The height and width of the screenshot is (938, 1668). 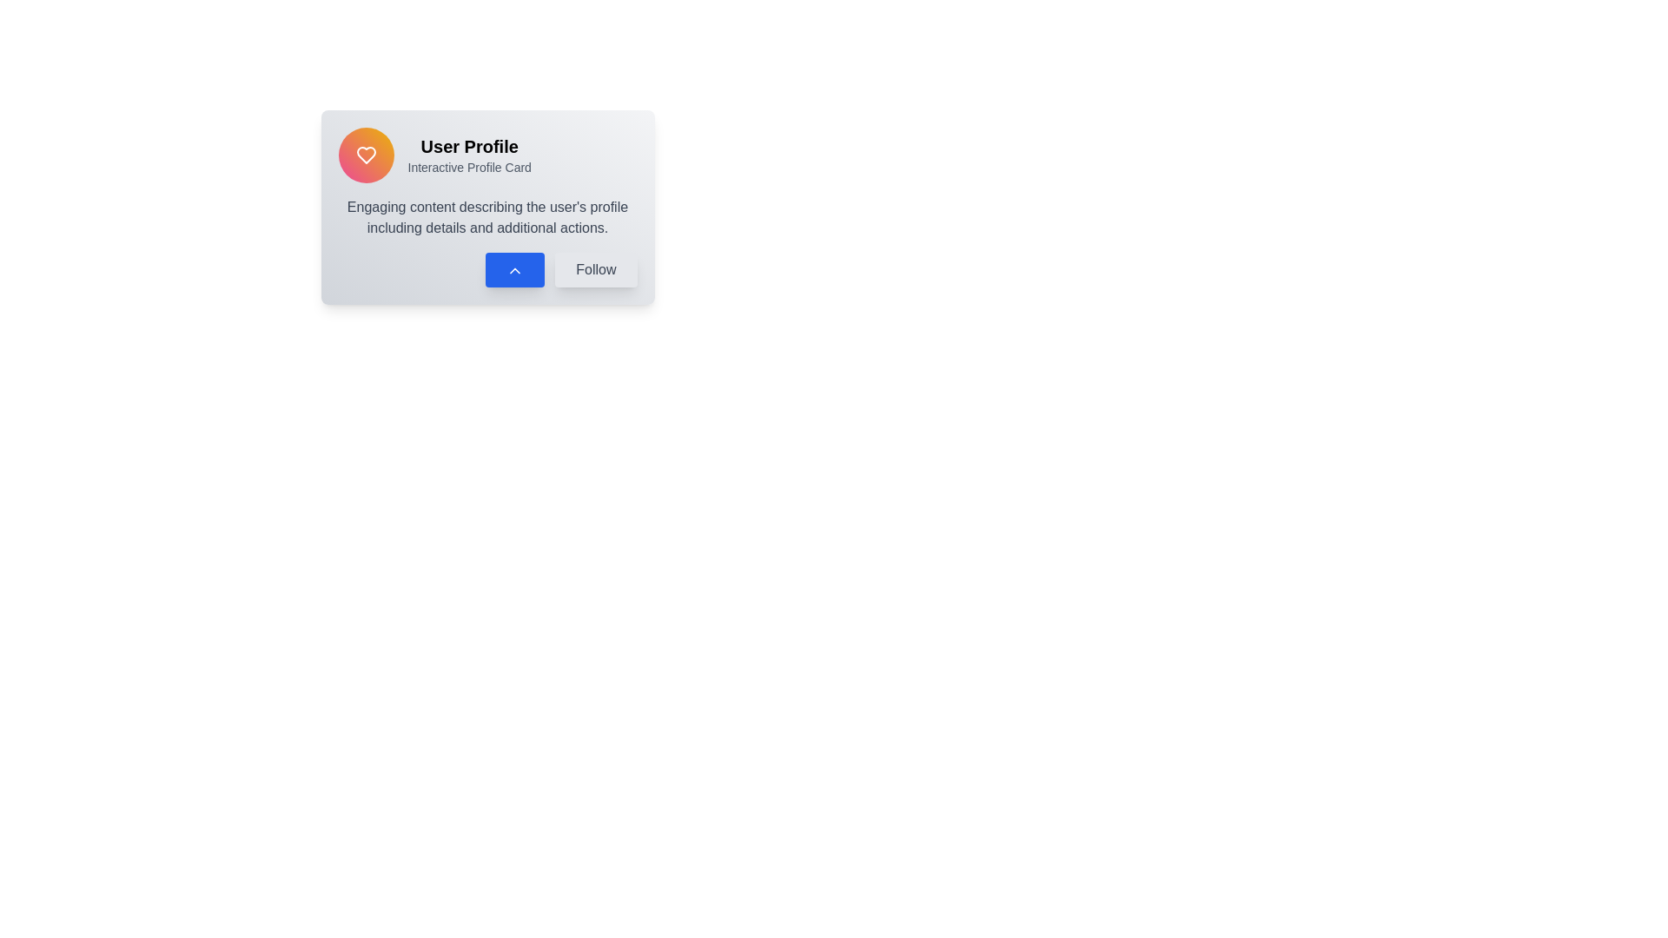 I want to click on the bold, black text label reading 'User Profile' located at the top left corner of the card component, so click(x=469, y=146).